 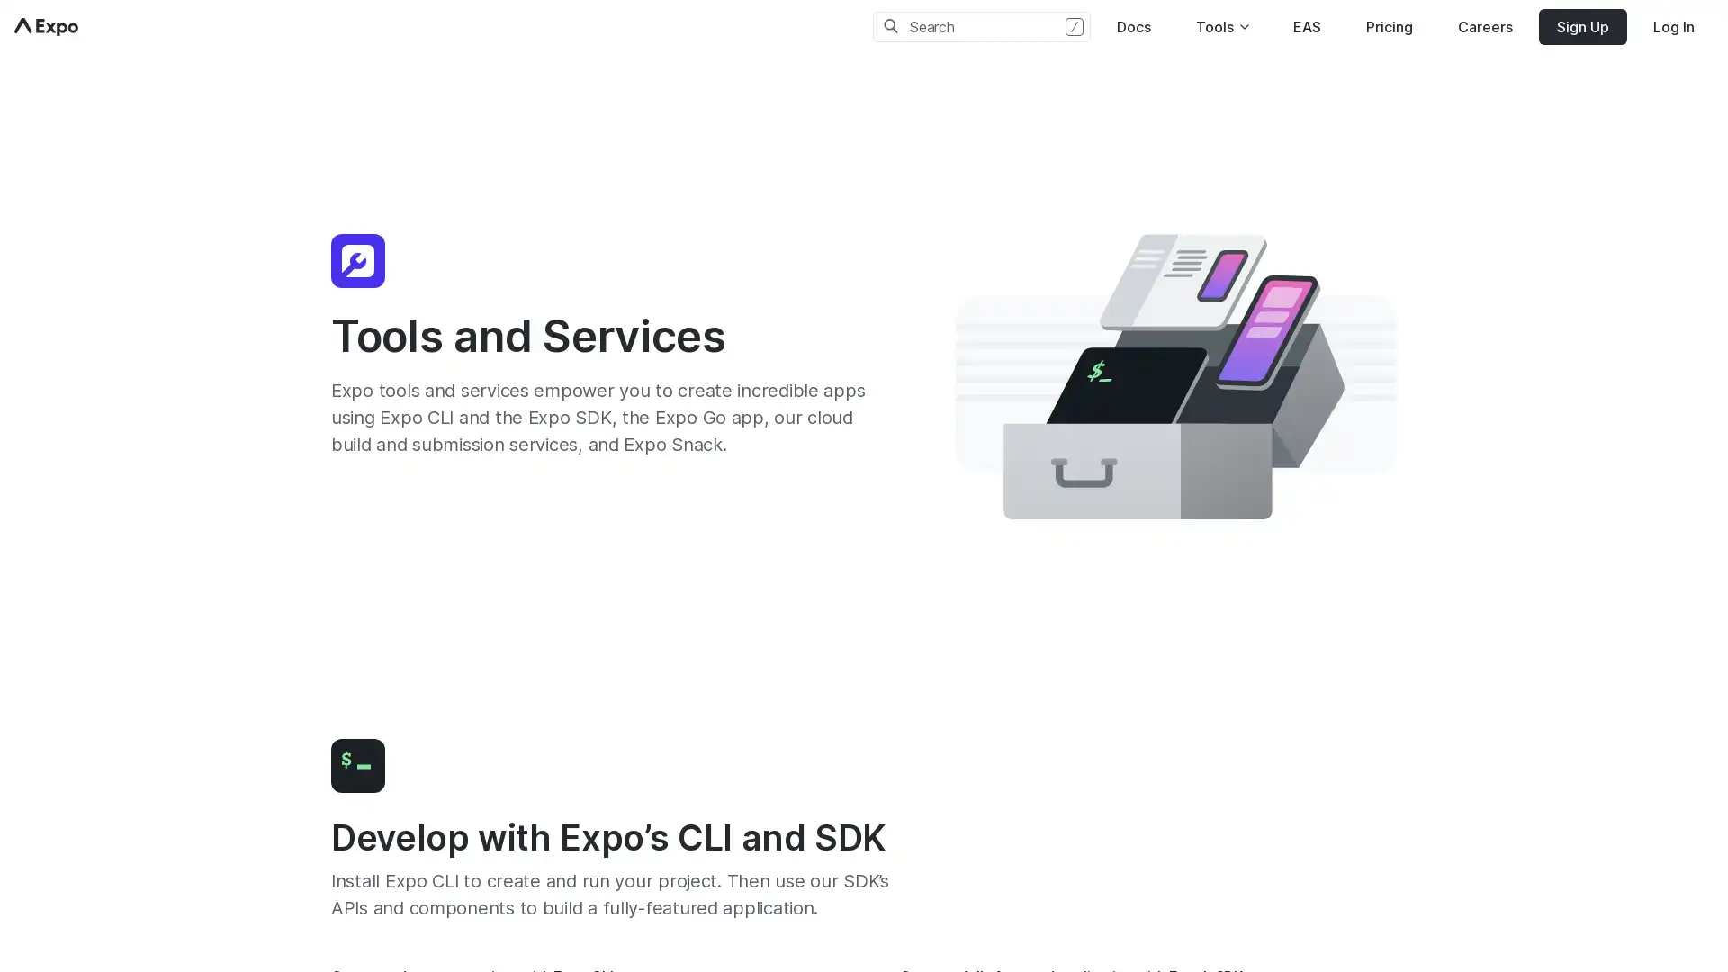 I want to click on Word-mark-logo, so click(x=46, y=27).